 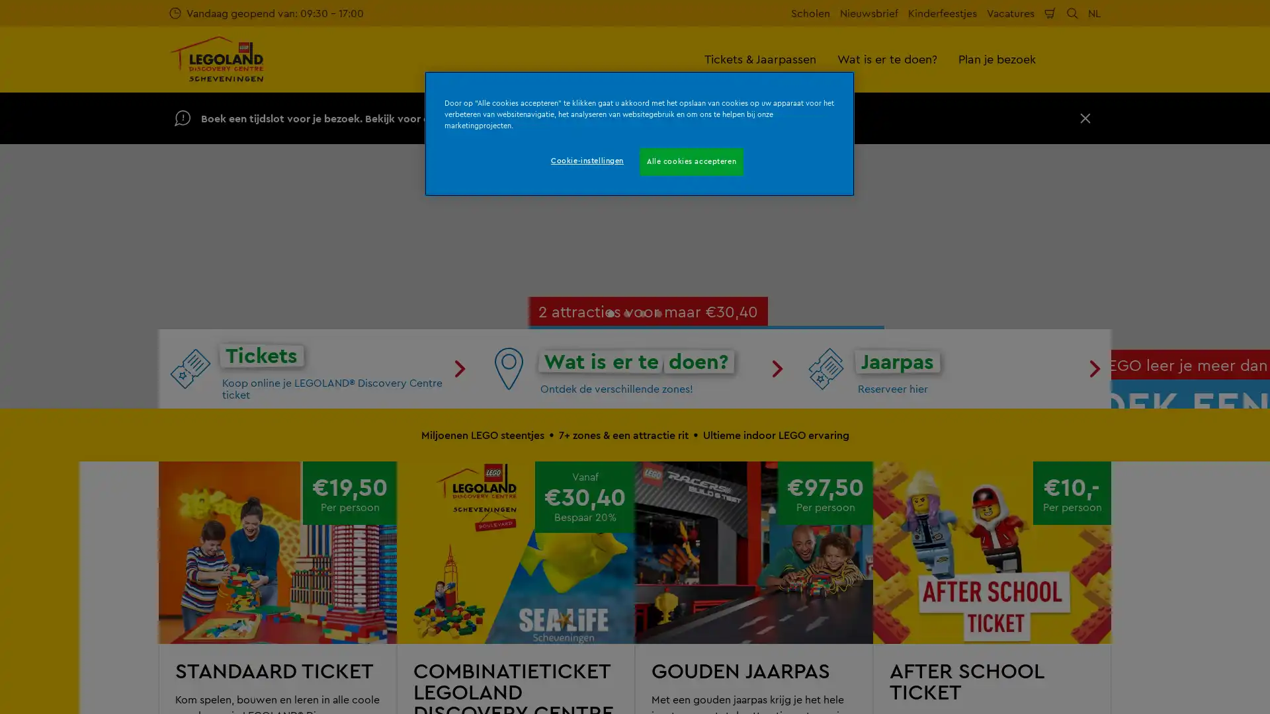 What do you see at coordinates (626, 563) in the screenshot?
I see `Go to slide 2` at bounding box center [626, 563].